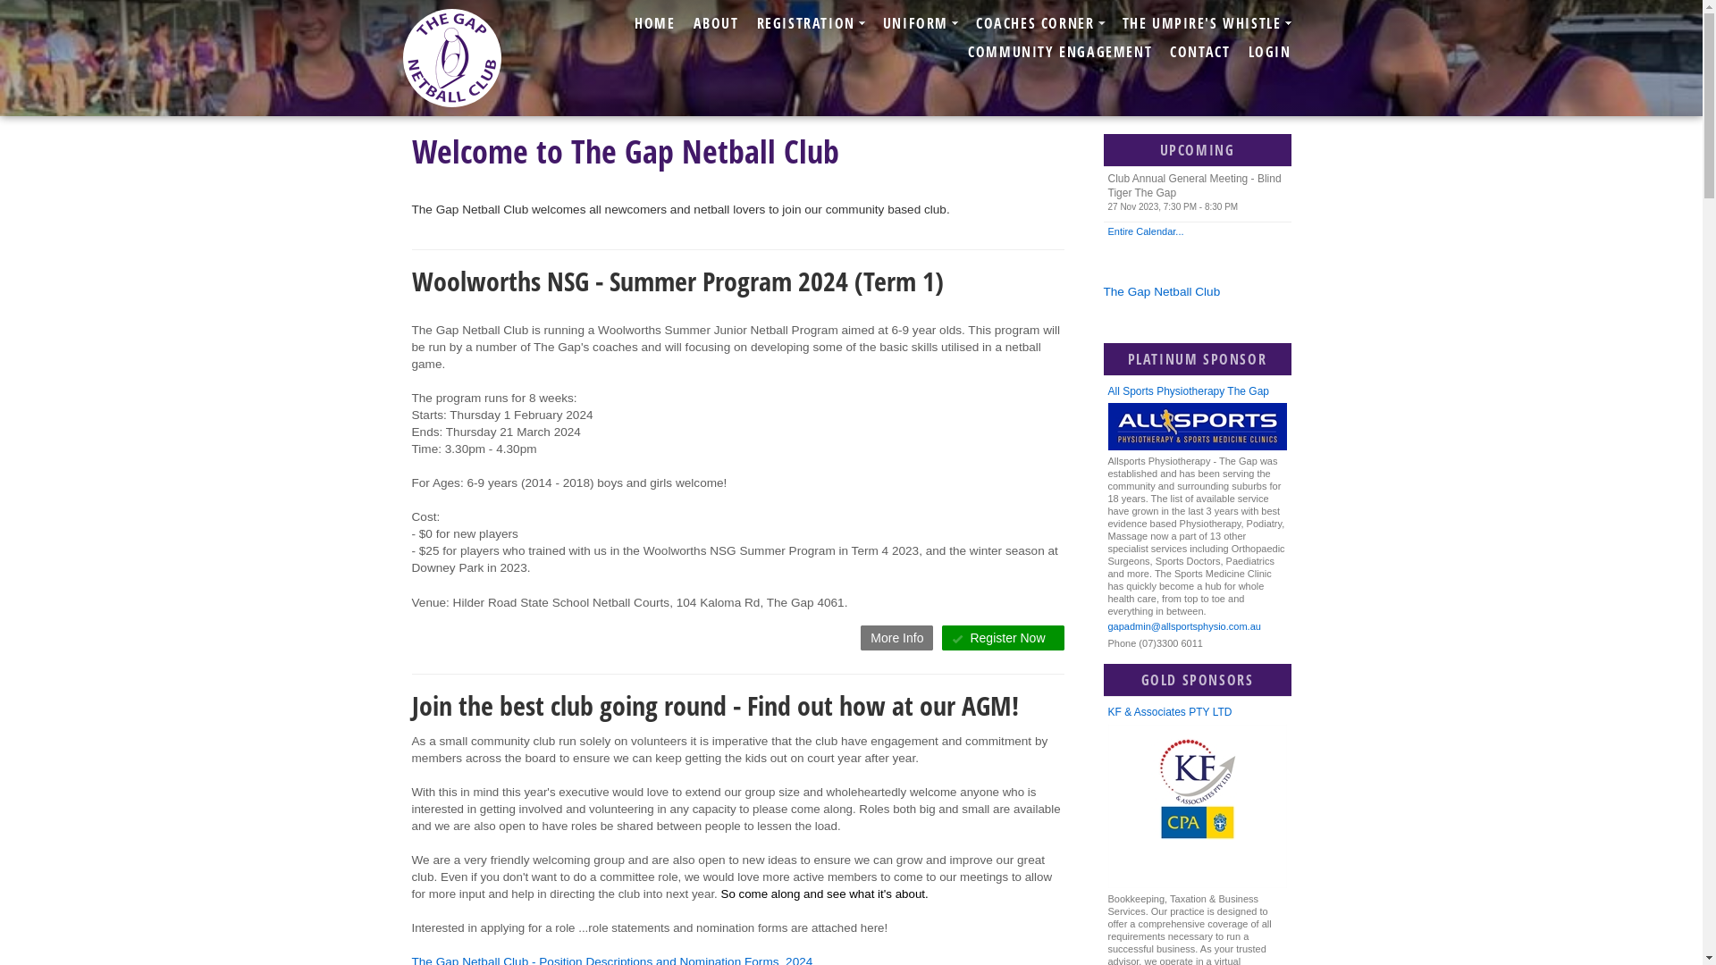  I want to click on 'COMMUNITY ENGAGEMENT', so click(1059, 50).